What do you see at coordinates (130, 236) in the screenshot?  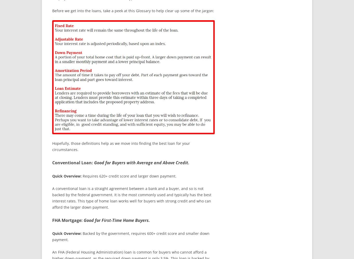 I see `'Backed by the government, requires 600+ credit score and smaller down payment.'` at bounding box center [130, 236].